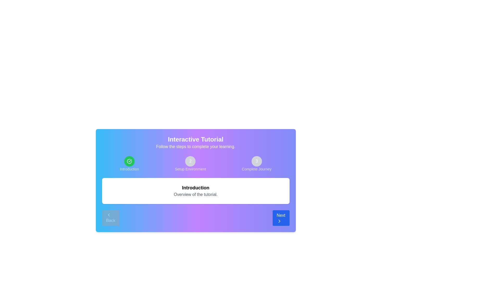  Describe the element at coordinates (281, 218) in the screenshot. I see `the 'Next' button to proceed to the next tutorial step` at that location.